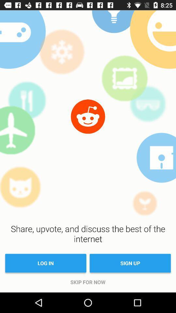 This screenshot has height=313, width=176. What do you see at coordinates (130, 263) in the screenshot?
I see `sign up item` at bounding box center [130, 263].